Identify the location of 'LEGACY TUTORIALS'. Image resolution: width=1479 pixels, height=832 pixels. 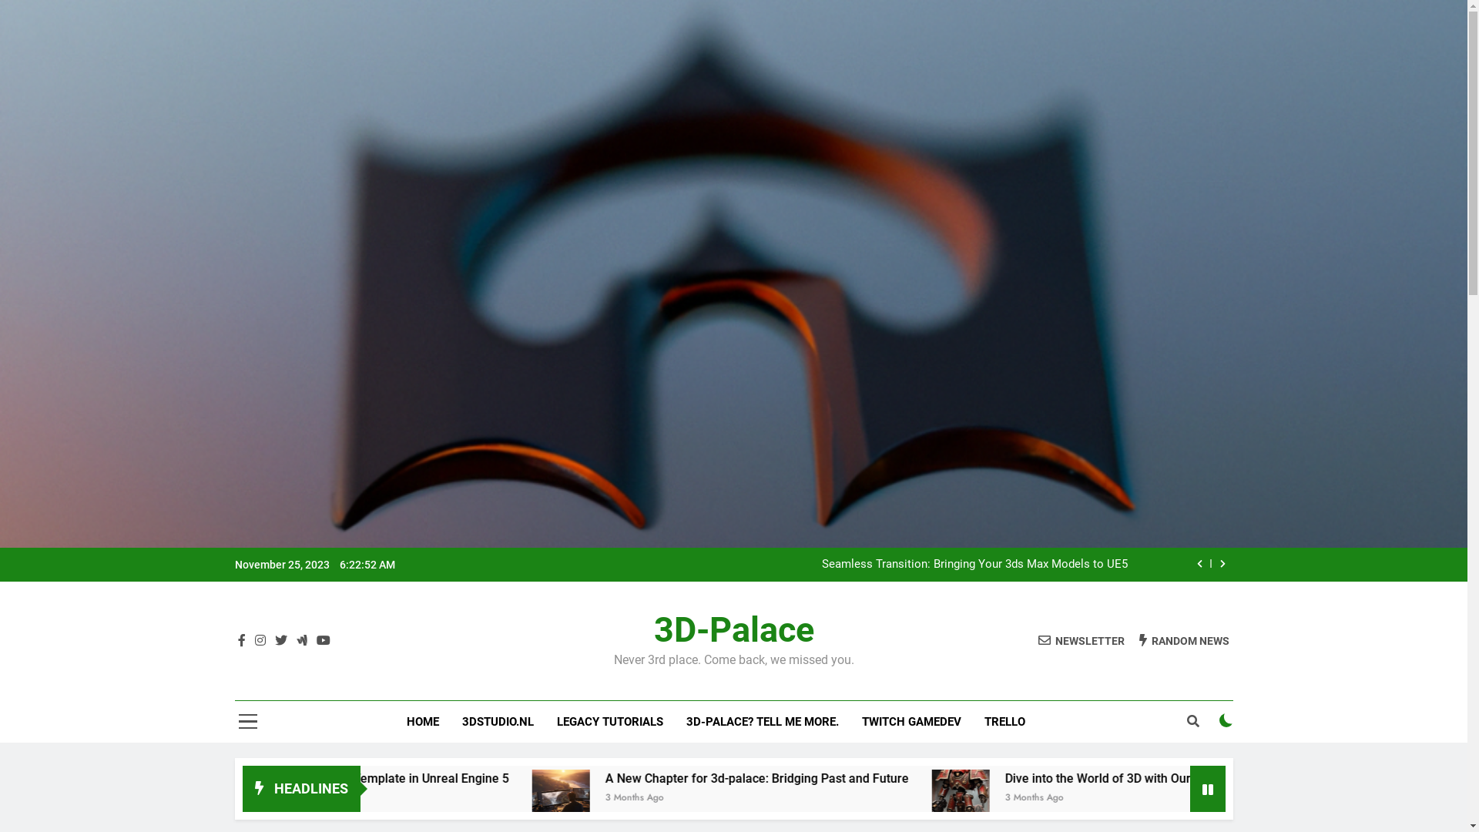
(609, 722).